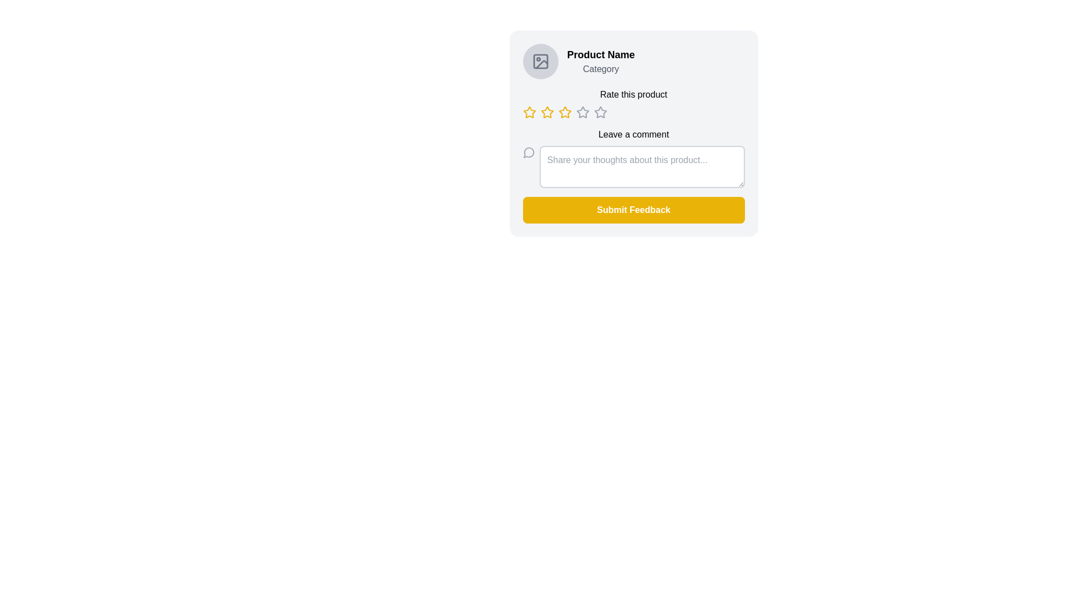 This screenshot has height=599, width=1065. Describe the element at coordinates (600, 69) in the screenshot. I see `the text label that reads 'Category', which is styled in light gray and located directly below 'Product Name'` at that location.